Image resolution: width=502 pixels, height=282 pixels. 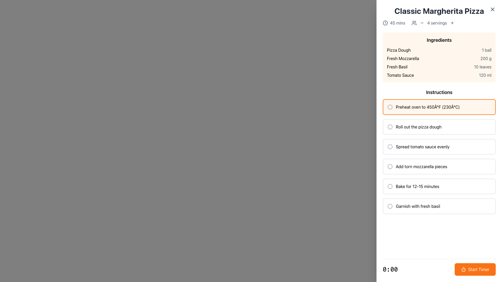 What do you see at coordinates (437, 23) in the screenshot?
I see `the Text label that displays the current number of servings for a recipe, positioned centrally between the '-' button and the '+' button` at bounding box center [437, 23].